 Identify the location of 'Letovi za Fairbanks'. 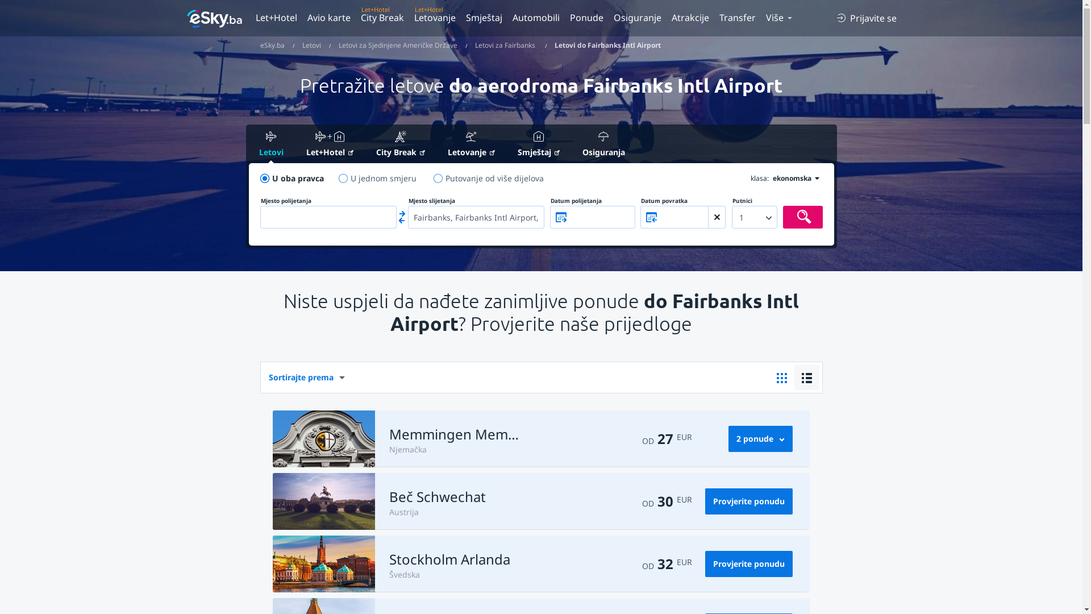
(474, 45).